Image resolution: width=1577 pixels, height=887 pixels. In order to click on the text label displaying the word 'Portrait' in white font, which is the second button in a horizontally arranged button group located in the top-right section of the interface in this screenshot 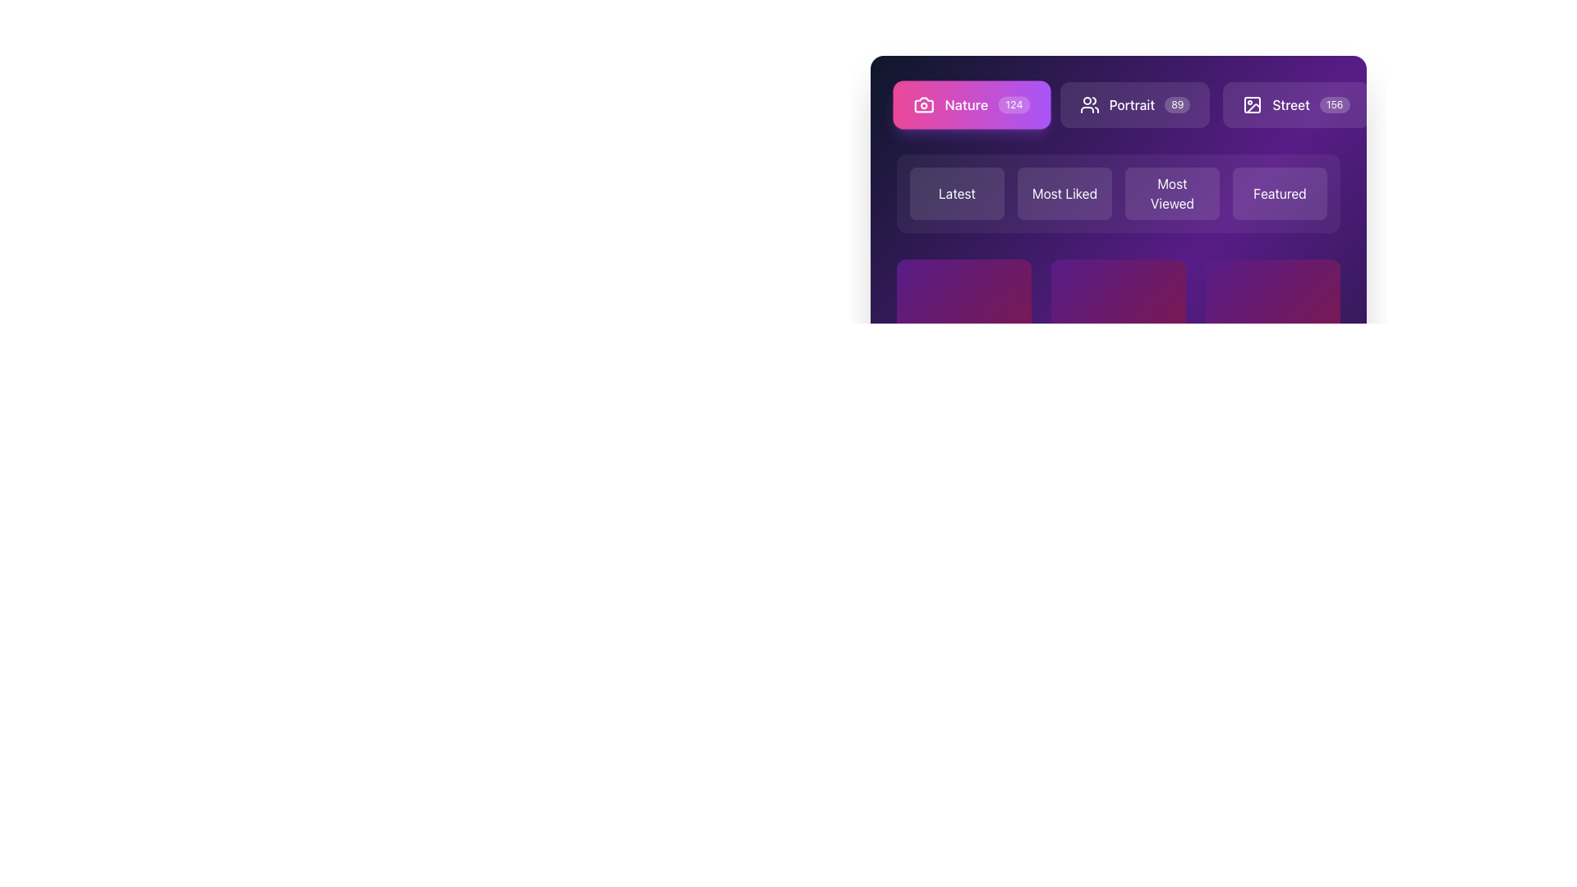, I will do `click(1130, 104)`.